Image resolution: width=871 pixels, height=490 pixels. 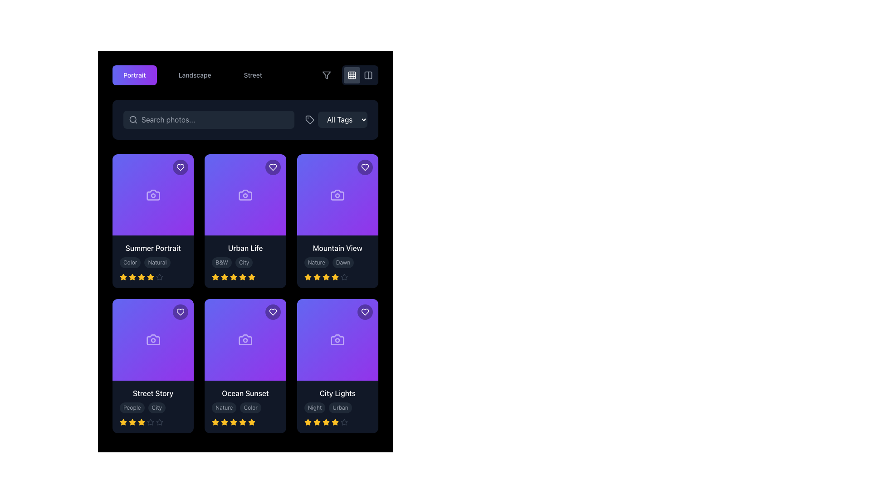 I want to click on the 'All Tags' dropdown button for keyboard navigation, so click(x=342, y=119).